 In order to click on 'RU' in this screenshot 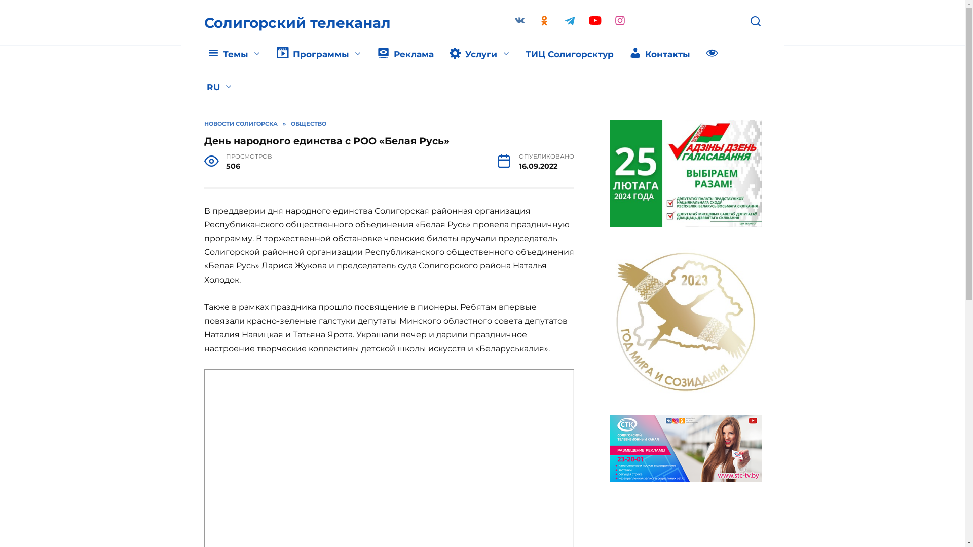, I will do `click(199, 87)`.